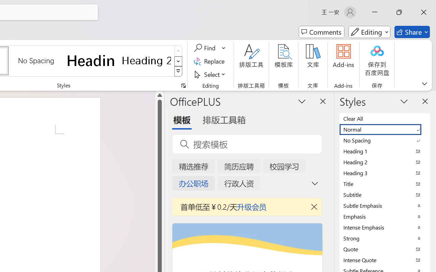  I want to click on 'Mode', so click(369, 32).